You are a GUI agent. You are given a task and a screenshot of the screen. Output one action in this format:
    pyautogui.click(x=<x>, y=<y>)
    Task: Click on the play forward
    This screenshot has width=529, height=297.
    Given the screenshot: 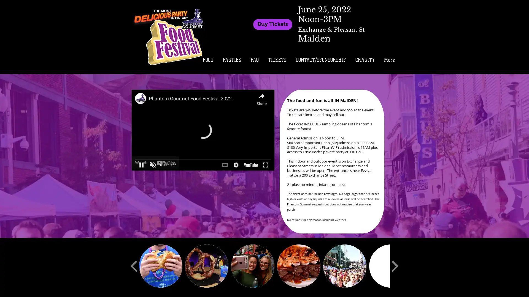 What is the action you would take?
    pyautogui.click(x=394, y=266)
    